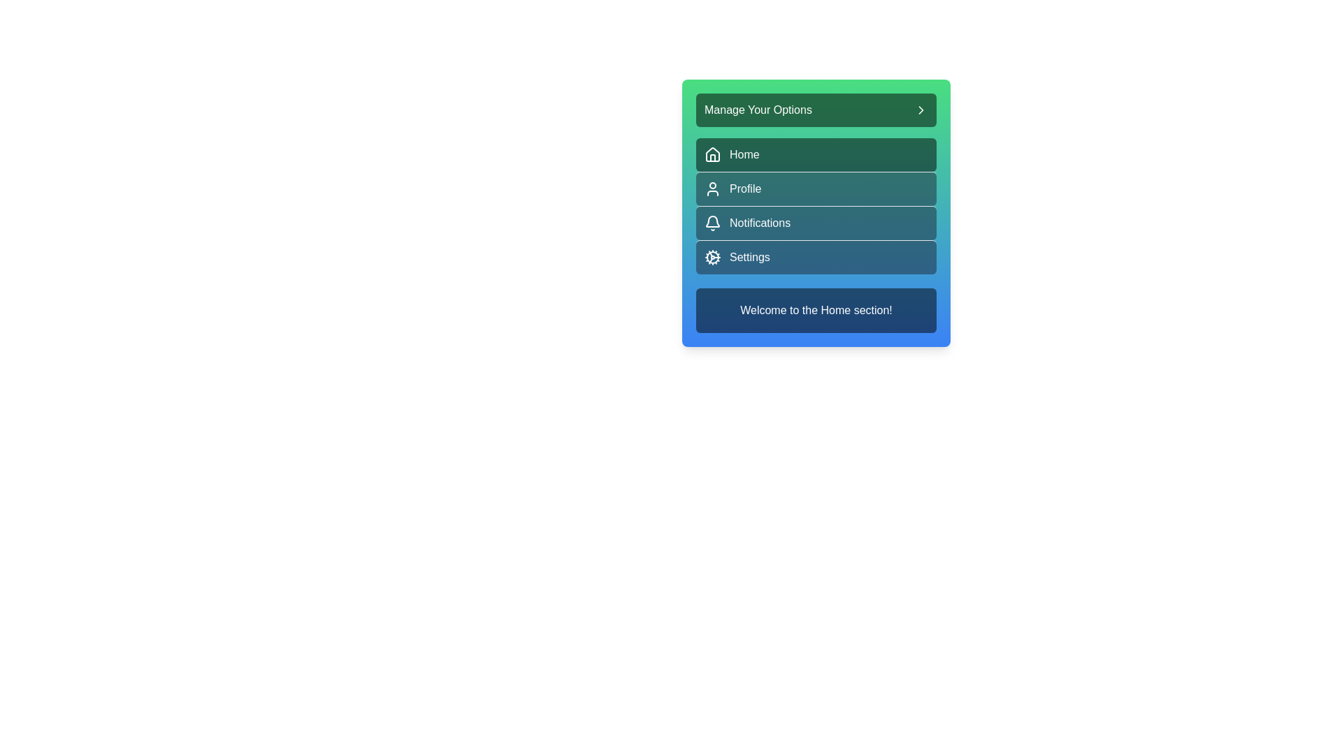 The image size is (1342, 754). What do you see at coordinates (712, 188) in the screenshot?
I see `the 'Profile' icon located to the left of the text 'Profile' in the menu, which serves as a visual cue for the Profile function` at bounding box center [712, 188].